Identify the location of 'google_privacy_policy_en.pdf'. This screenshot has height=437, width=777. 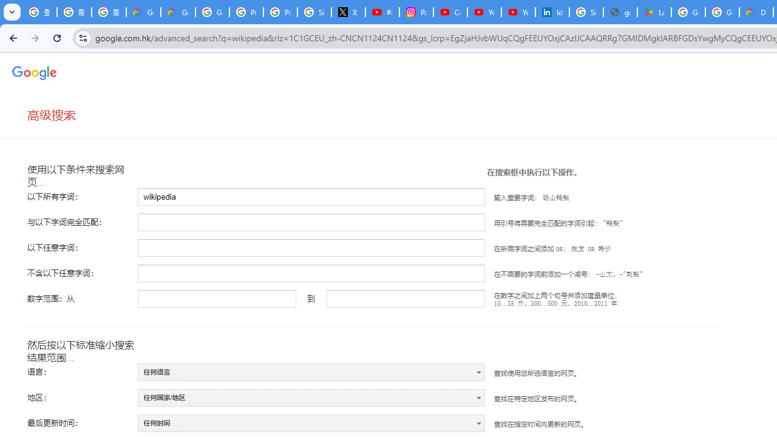
(620, 12).